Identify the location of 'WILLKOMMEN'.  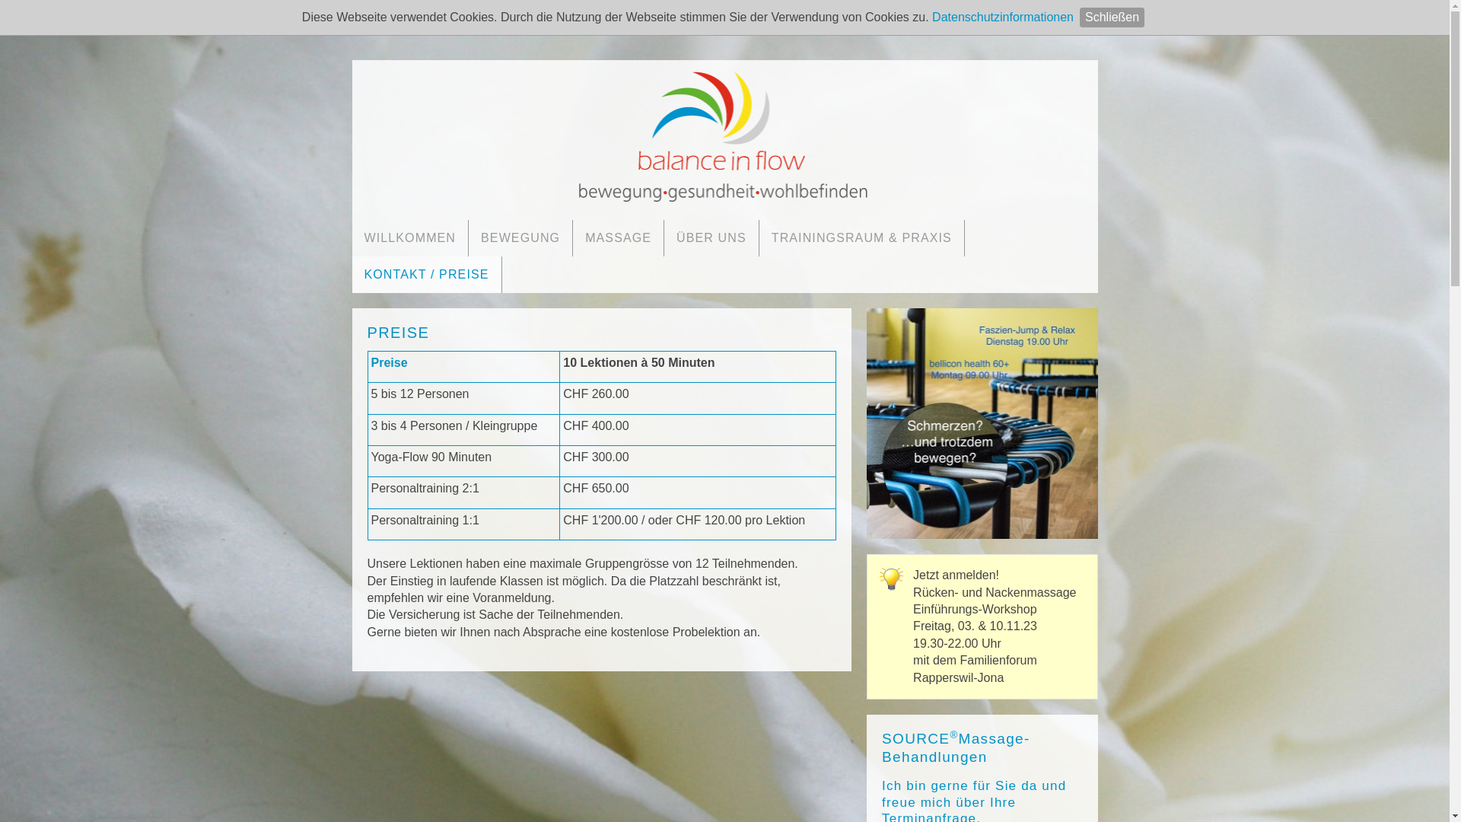
(350, 237).